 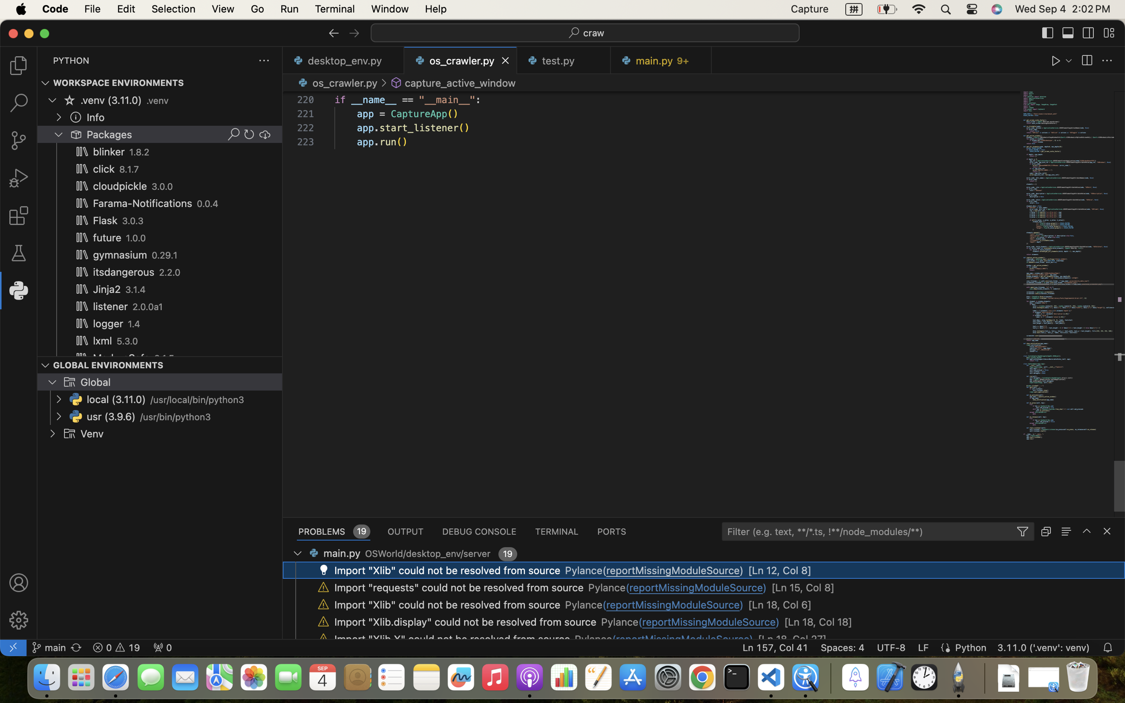 What do you see at coordinates (818, 621) in the screenshot?
I see `'[Ln 18, Col 18]'` at bounding box center [818, 621].